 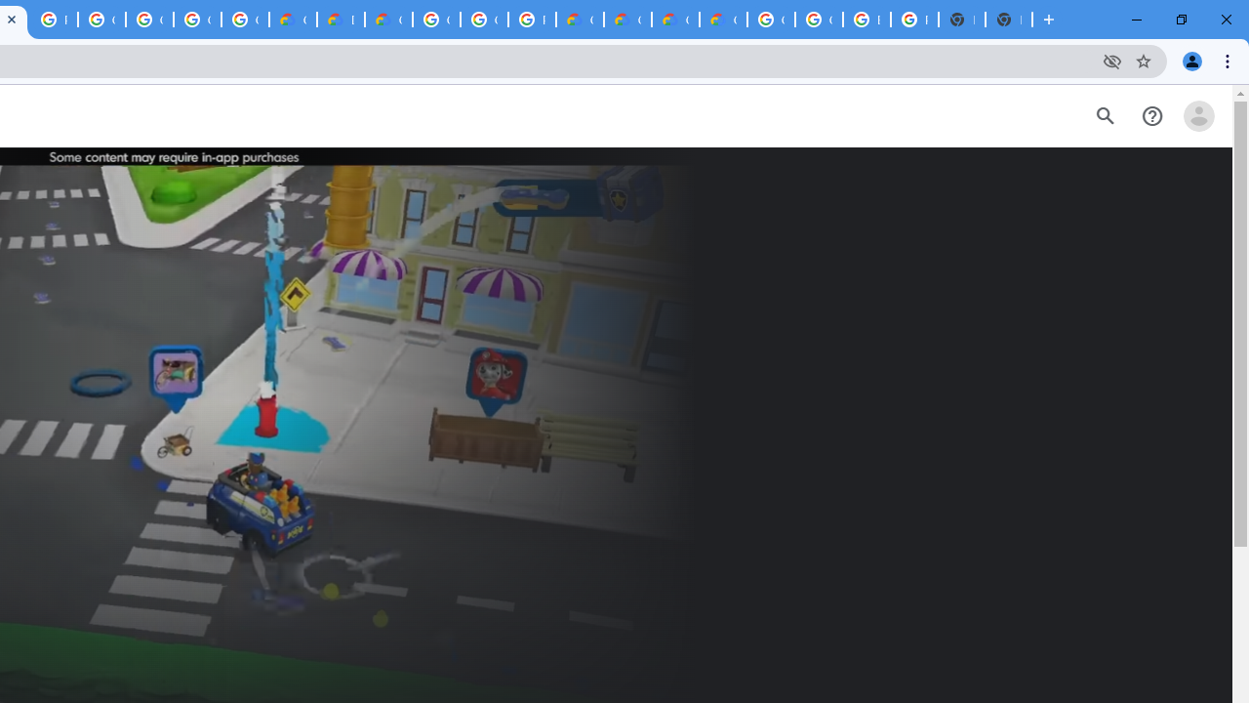 What do you see at coordinates (1111, 60) in the screenshot?
I see `'Third-party cookies blocked'` at bounding box center [1111, 60].